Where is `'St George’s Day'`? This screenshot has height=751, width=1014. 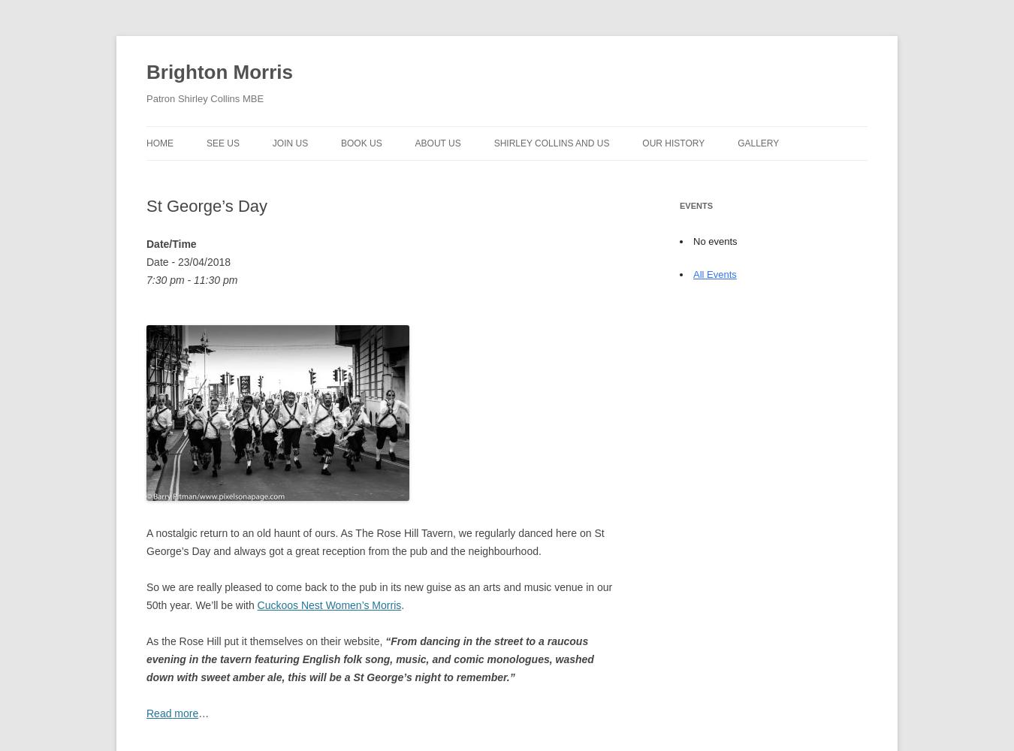
'St George’s Day' is located at coordinates (146, 206).